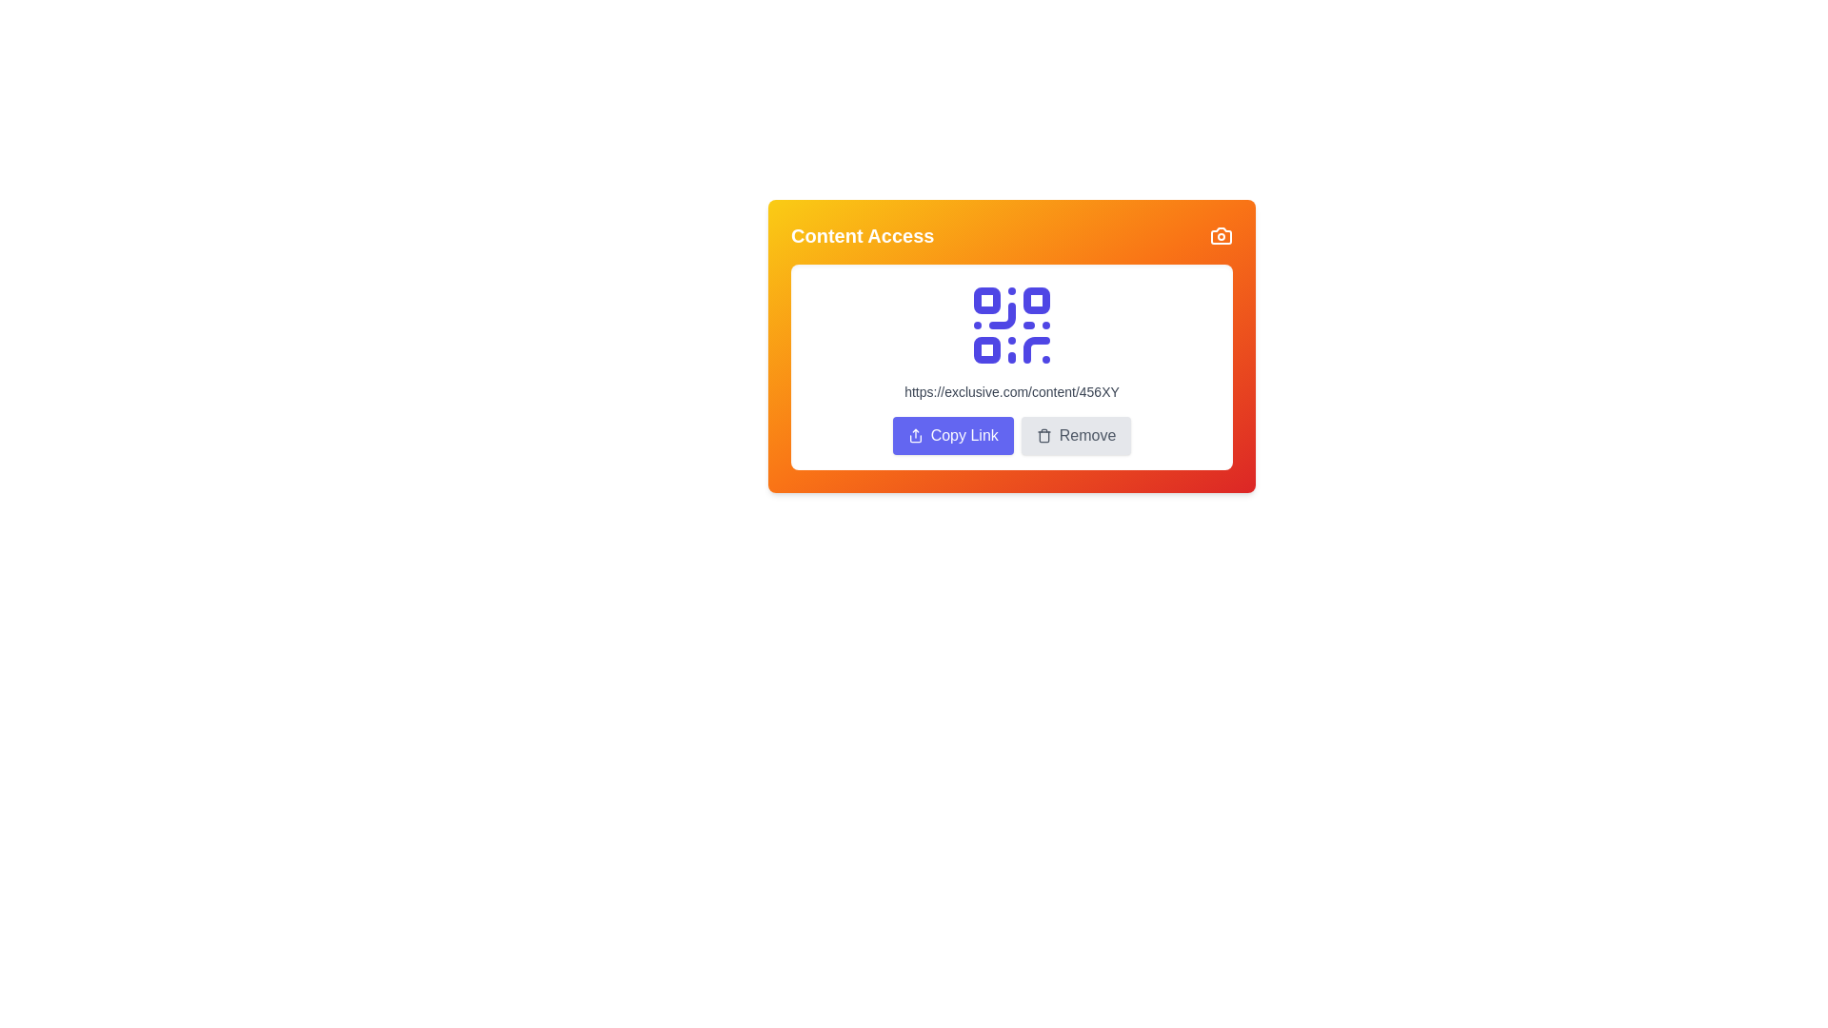 This screenshot has width=1828, height=1028. Describe the element at coordinates (953, 436) in the screenshot. I see `the 'Copy Link' button located at the bottom of the 'Content Access' card to copy the displayed link to the clipboard` at that location.